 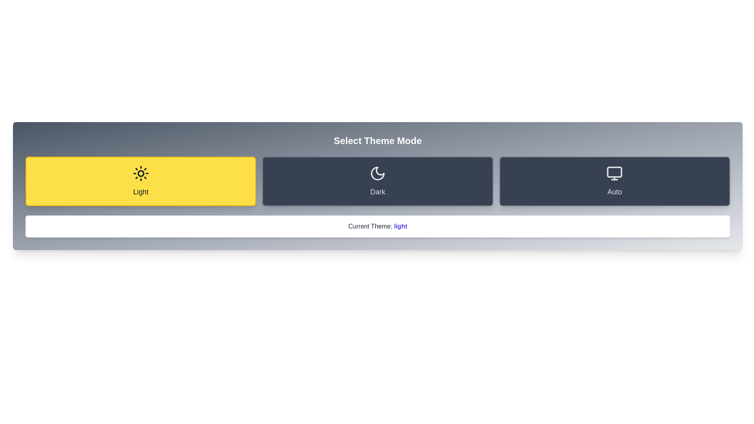 I want to click on the 'Light' button, which is a rectangular button with rounded corners, bright yellow background, dark gray text, and a black sun icon above the text, so click(x=141, y=181).